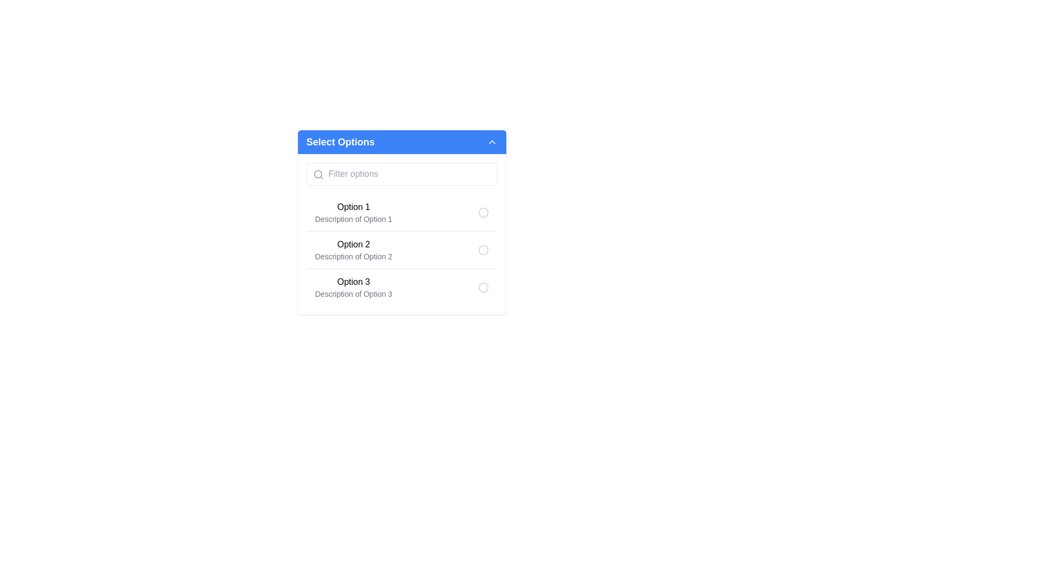 The image size is (1042, 586). Describe the element at coordinates (482, 250) in the screenshot. I see `the decorative icon for 'Option 2' in the dropdown list, located on the right side of the second row` at that location.